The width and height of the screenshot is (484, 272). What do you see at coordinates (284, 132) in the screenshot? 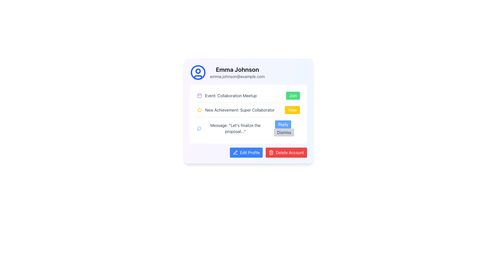
I see `the 'Dismiss' button, which is a rectangular button with rounded corners and labeled in gray text, situated to the right below the message about finalizing a proposal` at bounding box center [284, 132].